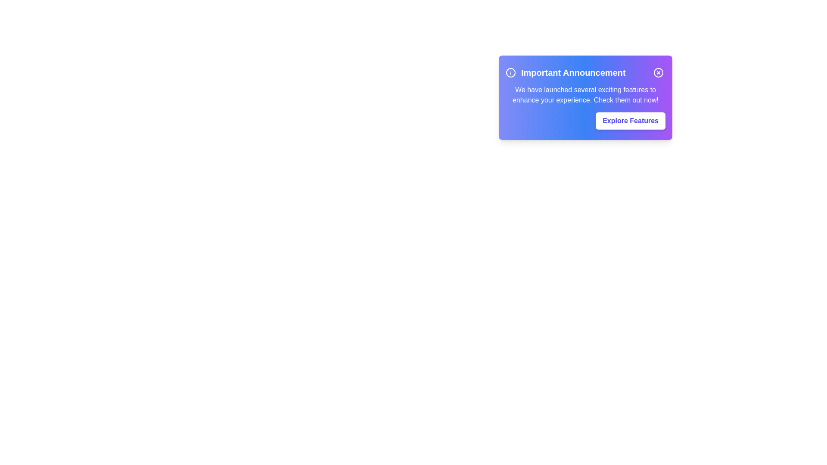  What do you see at coordinates (658, 72) in the screenshot?
I see `the close button of the announcement panel to close it` at bounding box center [658, 72].